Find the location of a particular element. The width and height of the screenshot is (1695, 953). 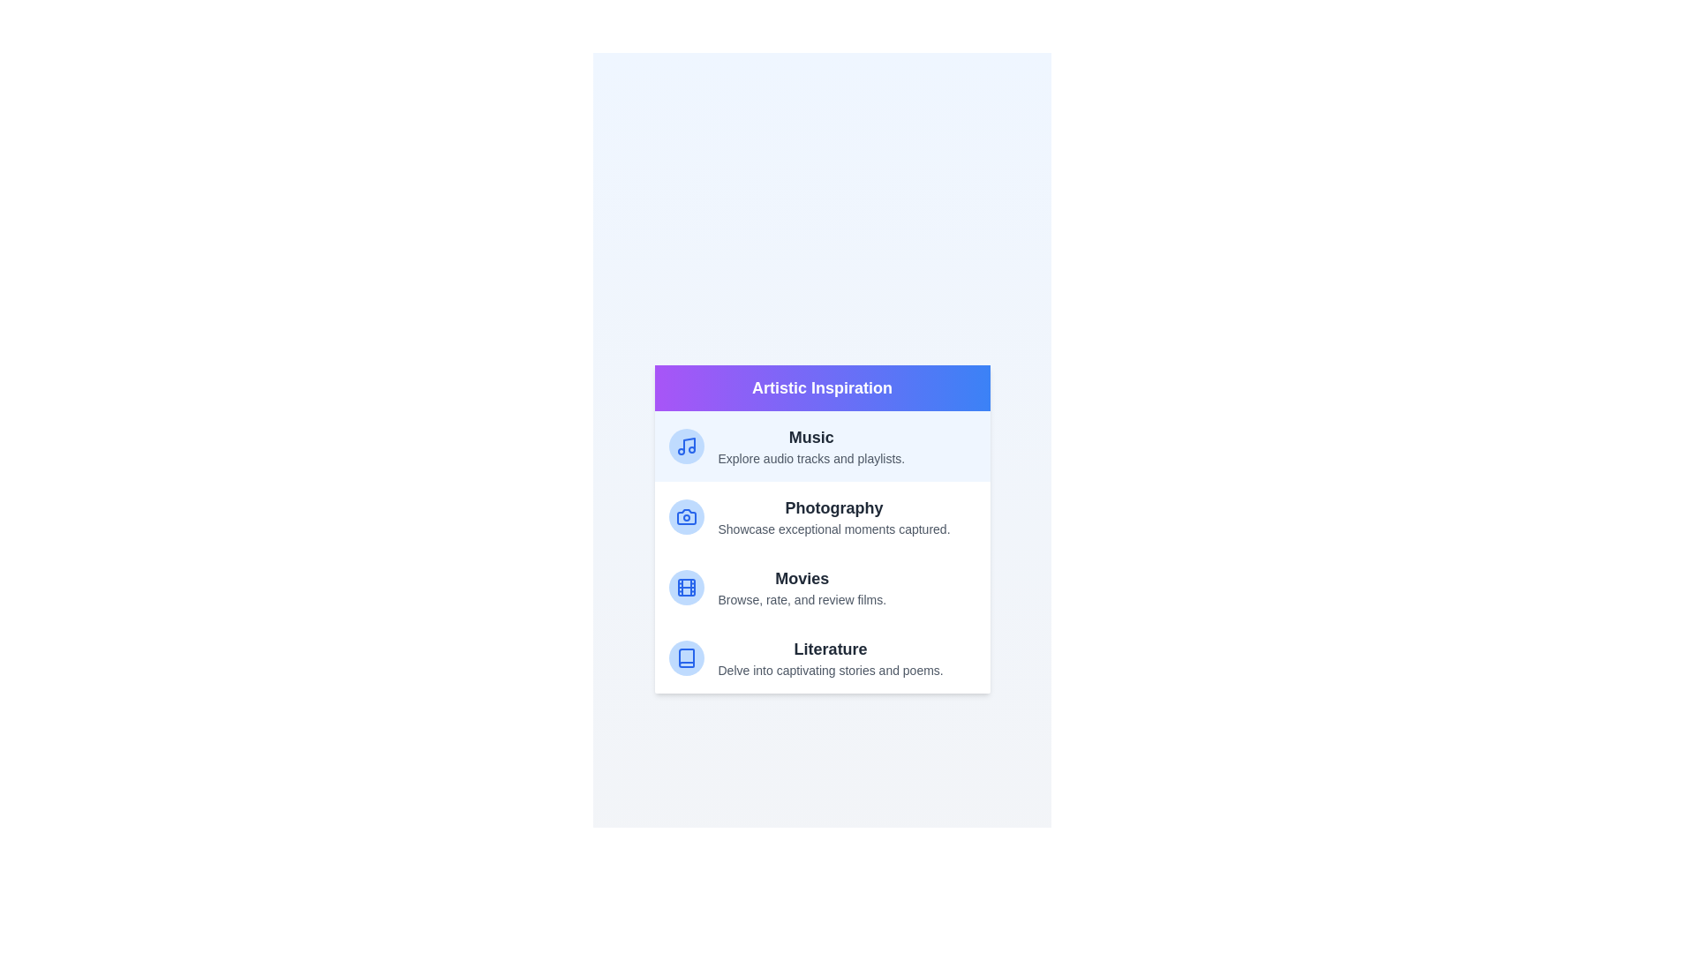

the category Music to read its description is located at coordinates (821, 445).